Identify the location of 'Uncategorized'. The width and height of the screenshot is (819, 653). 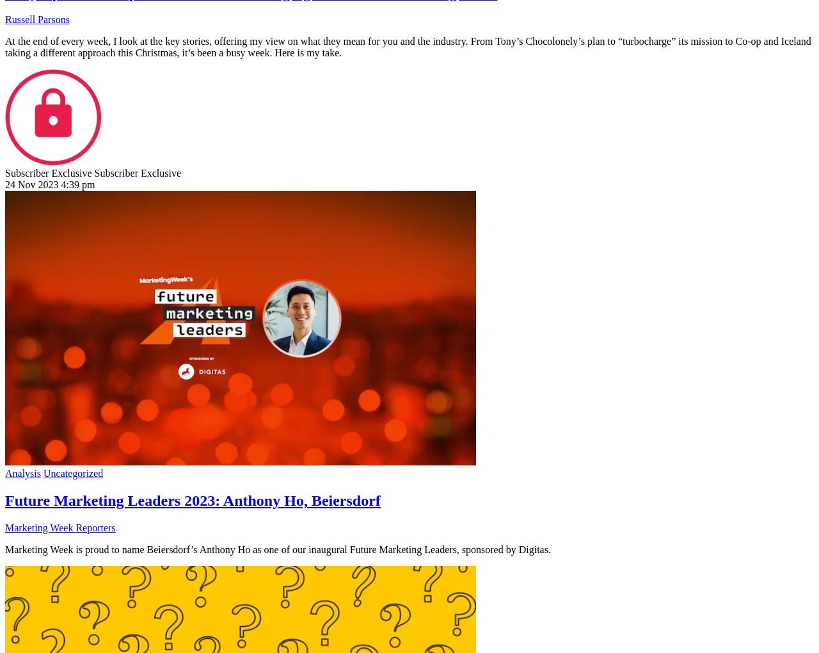
(72, 473).